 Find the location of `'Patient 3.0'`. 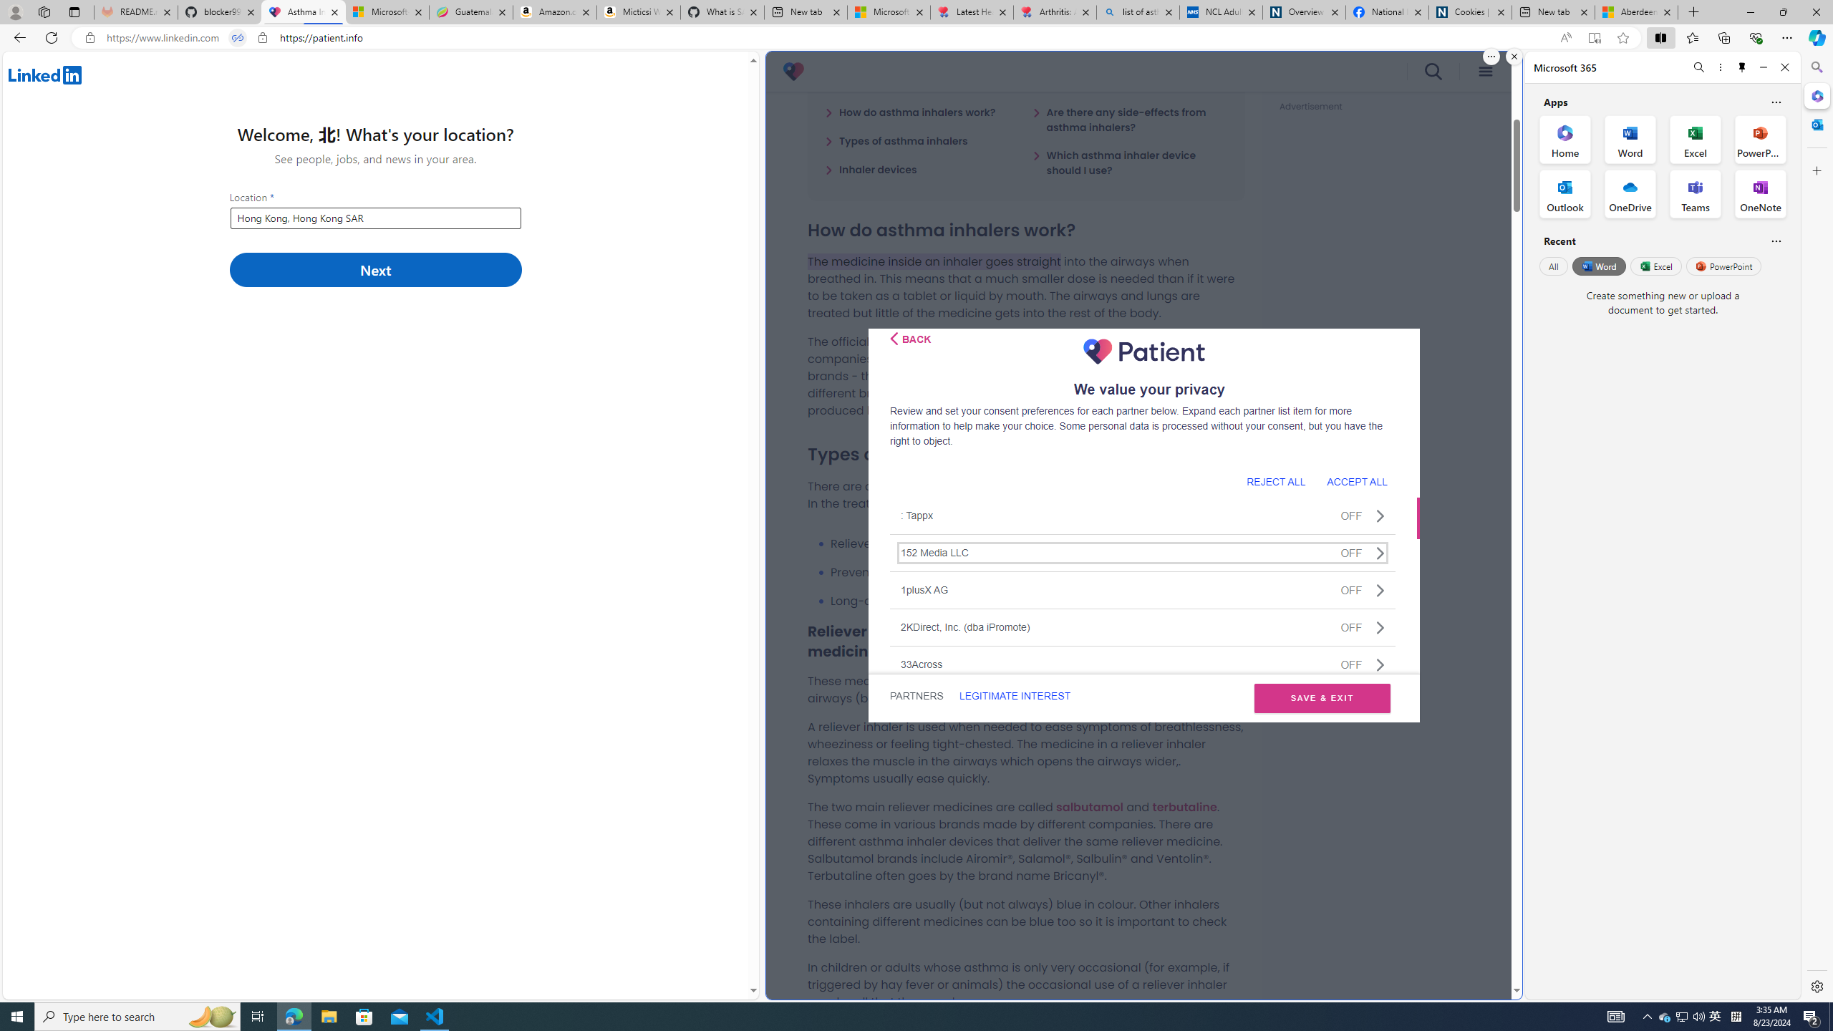

'Patient 3.0' is located at coordinates (793, 71).